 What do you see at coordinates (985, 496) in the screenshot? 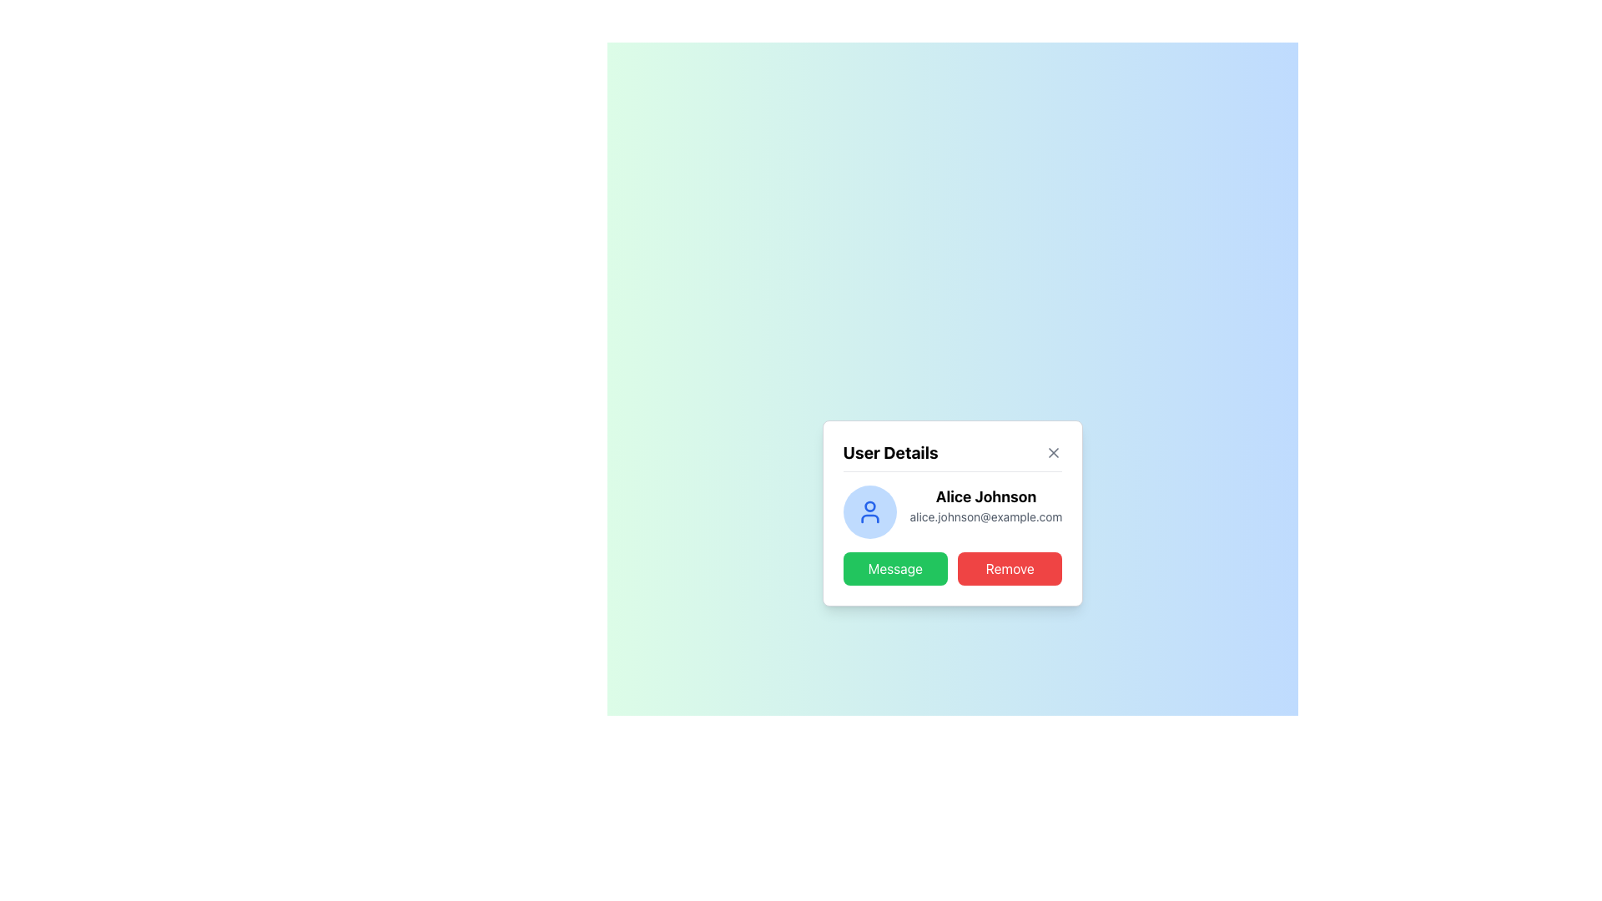
I see `the text label displaying the user's full name, which is located above the email address 'alice.johnson@example.com' in the user details card within the modal window` at bounding box center [985, 496].